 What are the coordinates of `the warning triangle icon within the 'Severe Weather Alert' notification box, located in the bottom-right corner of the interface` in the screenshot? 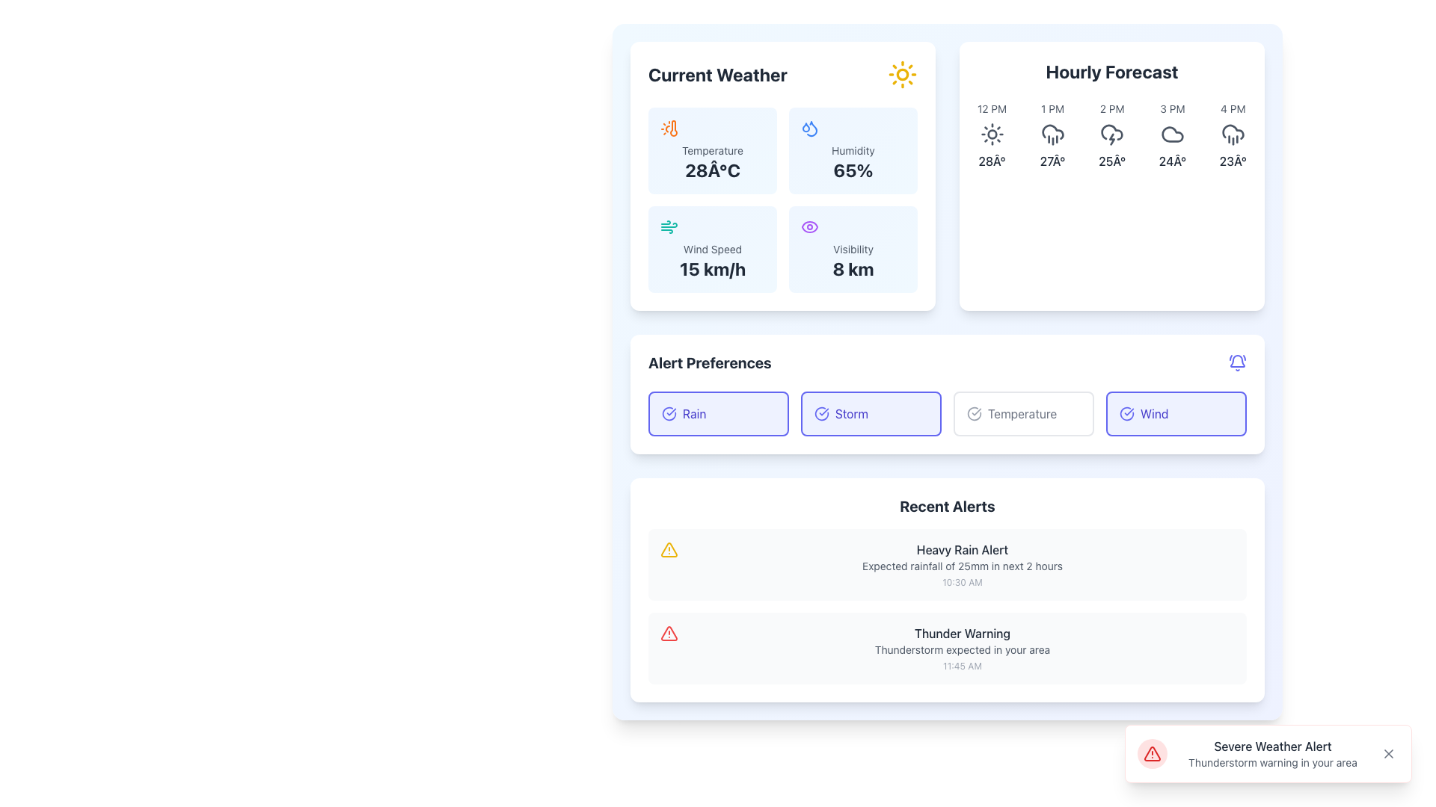 It's located at (1151, 754).